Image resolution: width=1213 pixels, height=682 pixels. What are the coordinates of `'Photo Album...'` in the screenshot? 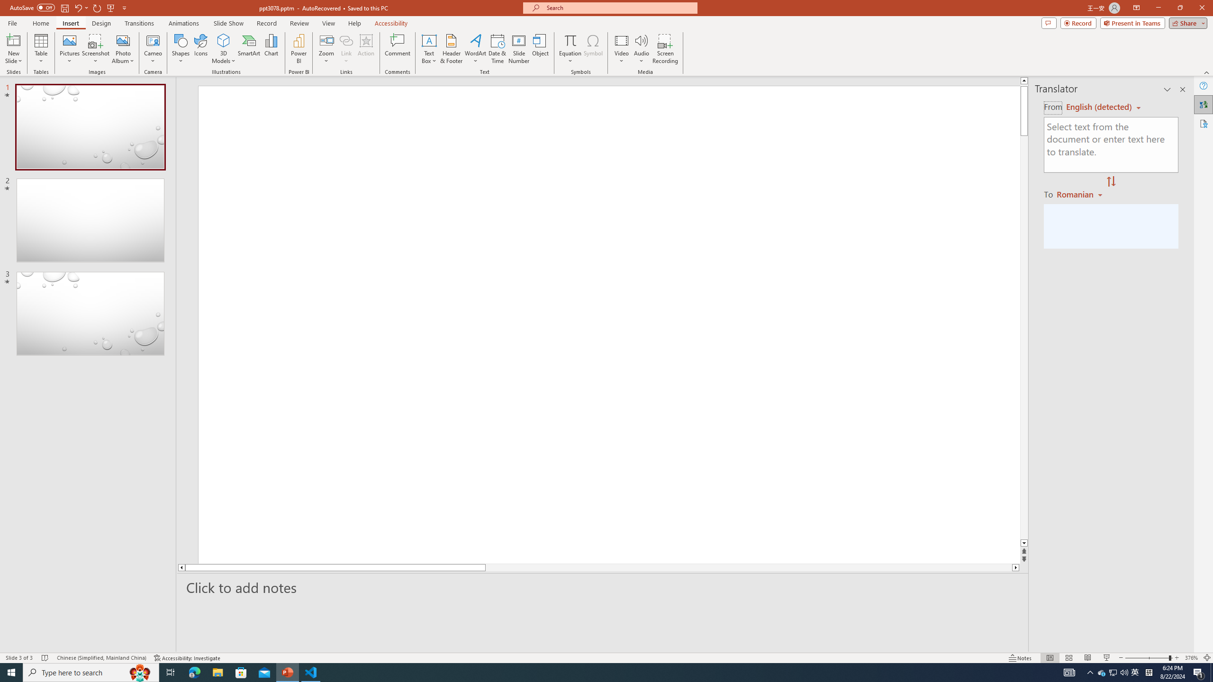 It's located at (122, 49).